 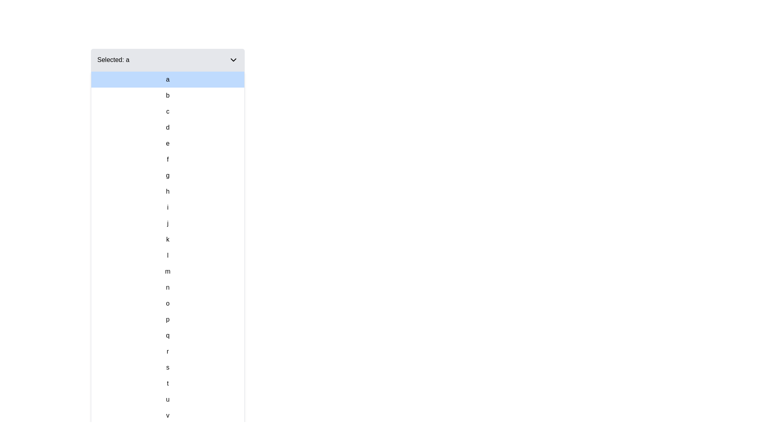 What do you see at coordinates (167, 351) in the screenshot?
I see `the text-based list item representing the letter 'r' in the dropdown list, which is positioned between 'q' and 's'` at bounding box center [167, 351].